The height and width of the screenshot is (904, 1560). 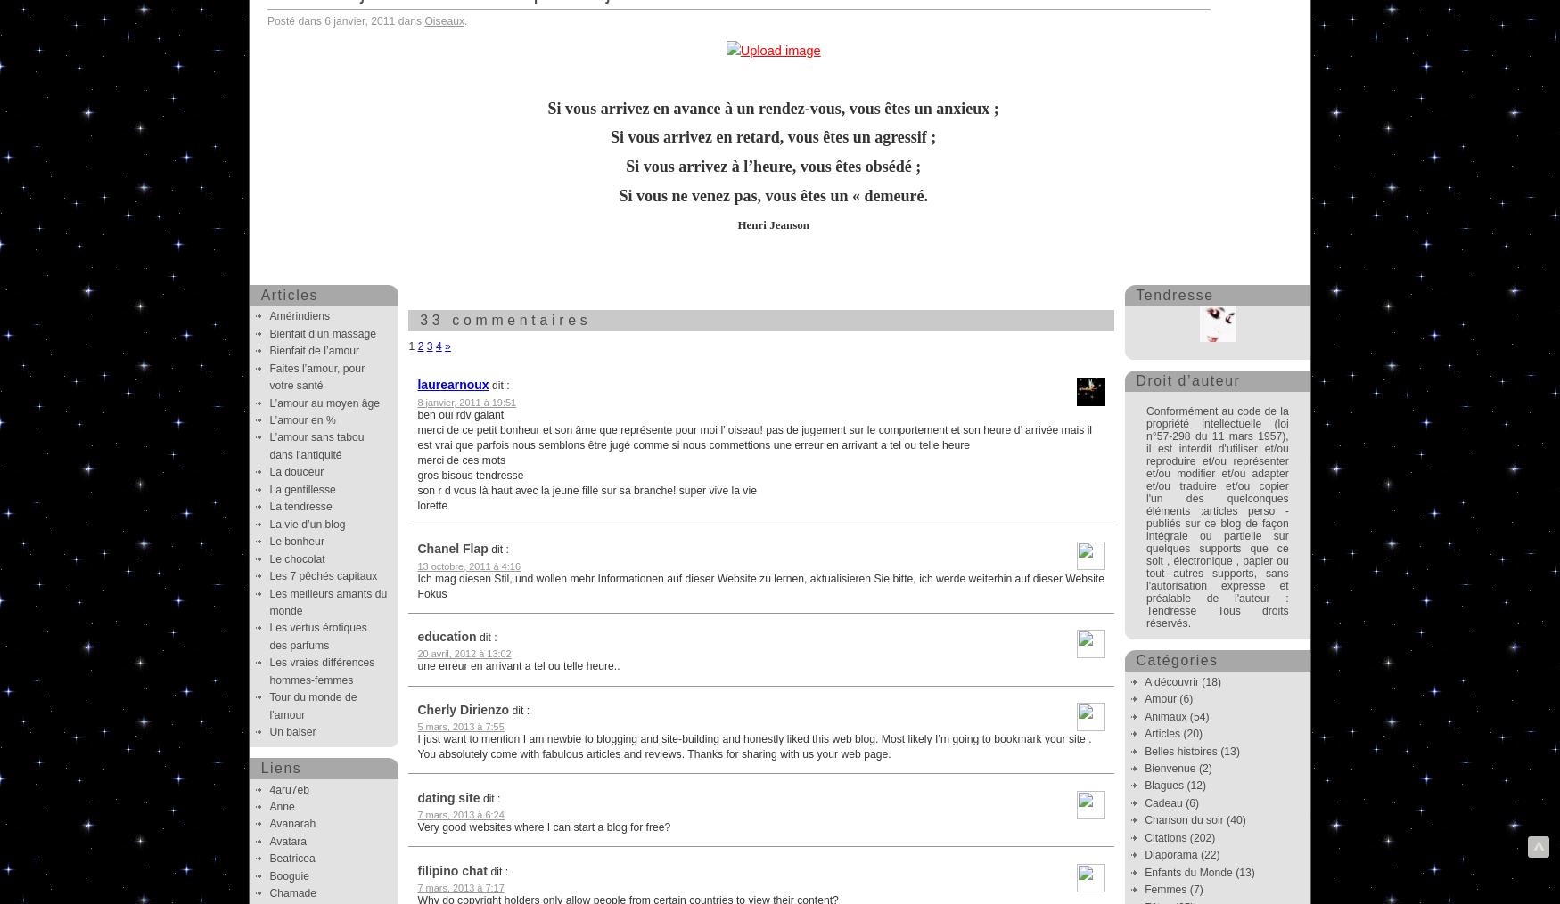 What do you see at coordinates (1159, 698) in the screenshot?
I see `'Amour'` at bounding box center [1159, 698].